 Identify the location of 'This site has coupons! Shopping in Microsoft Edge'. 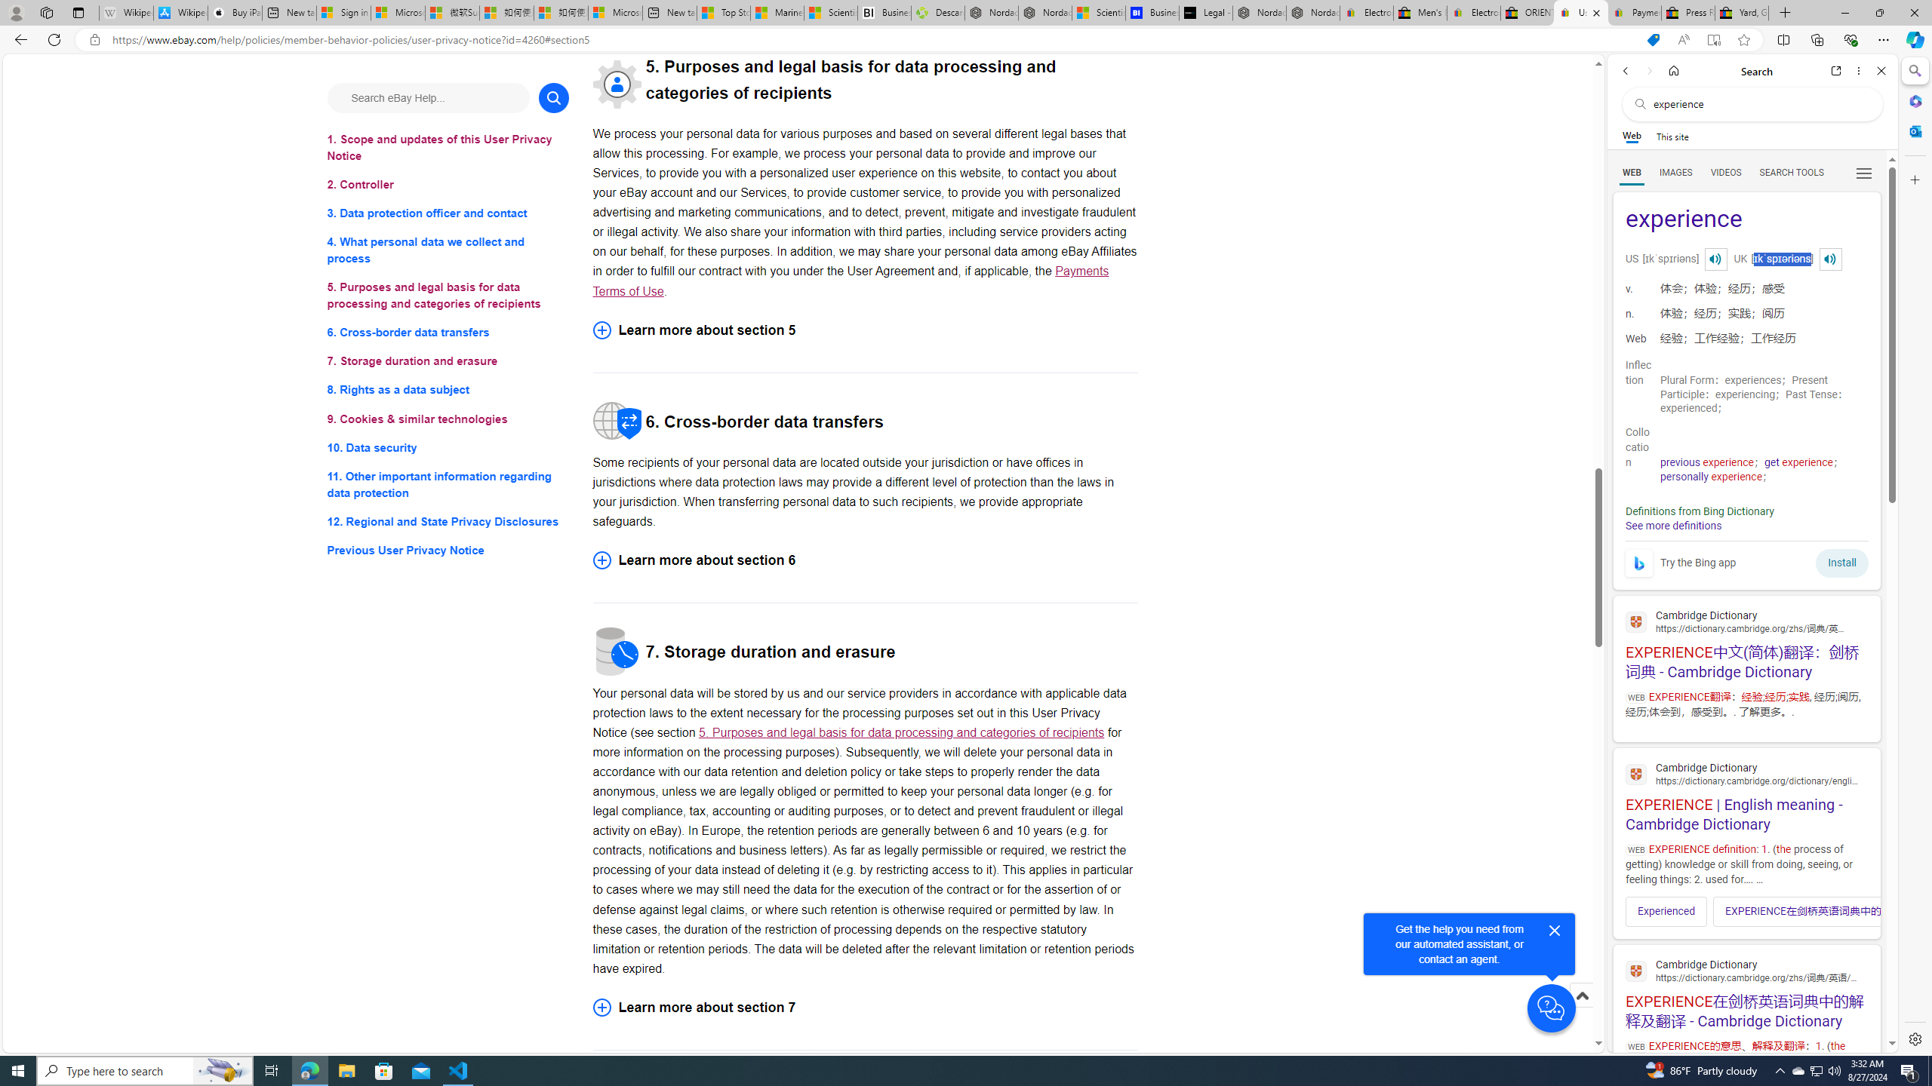
(1653, 40).